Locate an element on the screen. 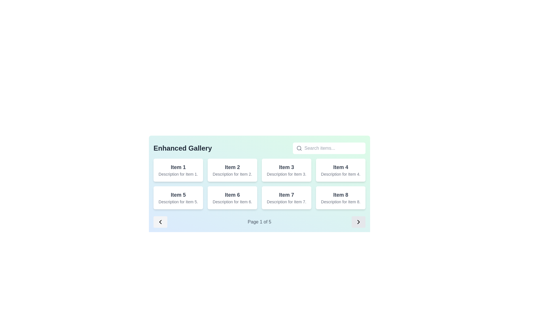 This screenshot has width=553, height=311. the static text label that provides additional information about the associated item, located immediately below 'Item 1' in the top-left corner of the card layout is located at coordinates (178, 174).